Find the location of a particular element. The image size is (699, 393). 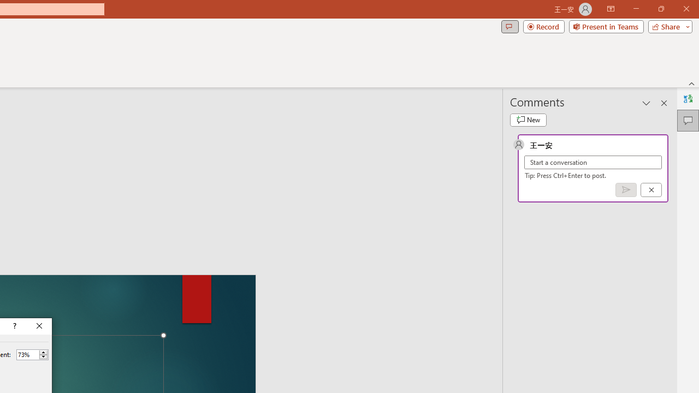

'More' is located at coordinates (43, 352).